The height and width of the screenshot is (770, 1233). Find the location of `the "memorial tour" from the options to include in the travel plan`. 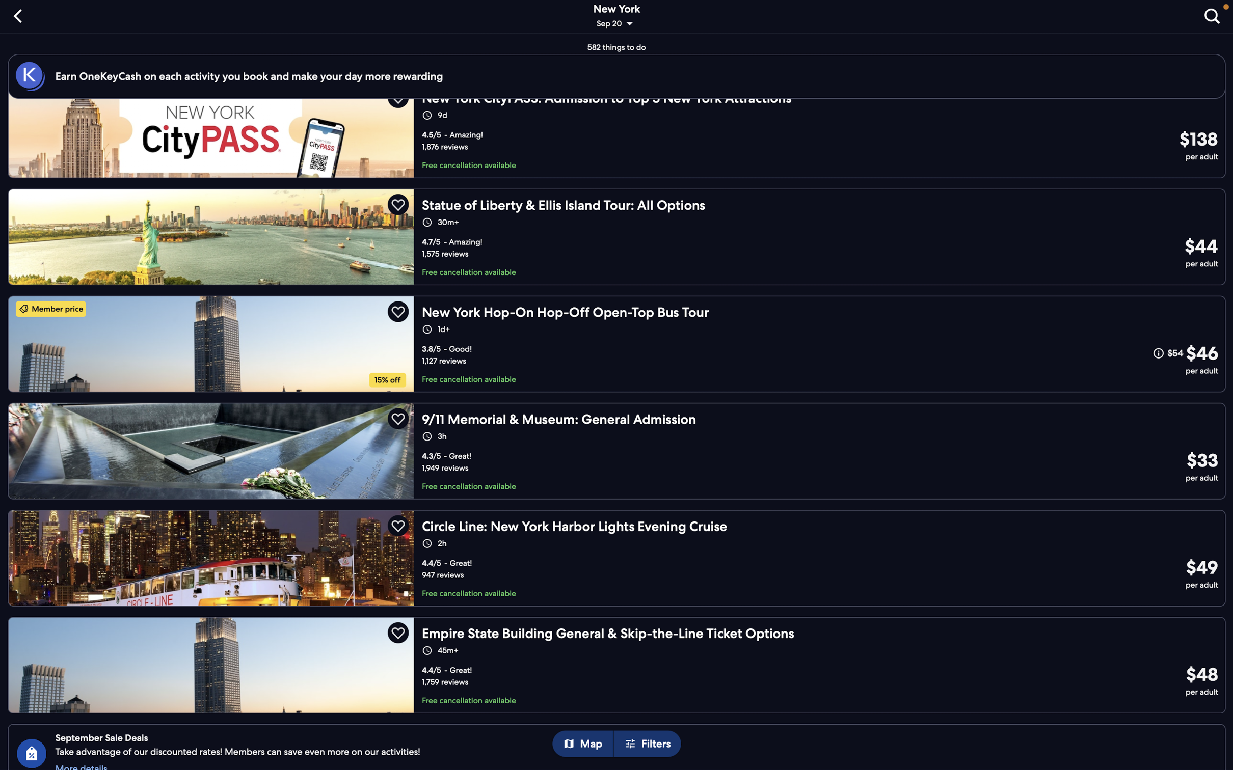

the "memorial tour" from the options to include in the travel plan is located at coordinates (616, 450).